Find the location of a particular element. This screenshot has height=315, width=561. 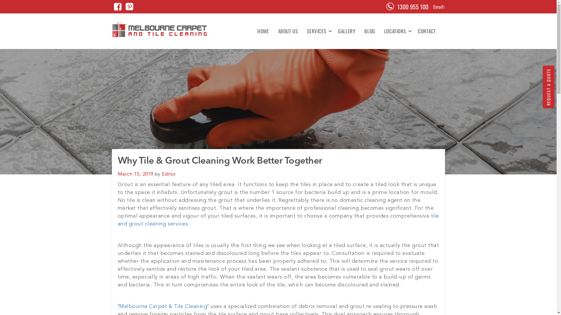

'CONTACT' is located at coordinates (425, 31).